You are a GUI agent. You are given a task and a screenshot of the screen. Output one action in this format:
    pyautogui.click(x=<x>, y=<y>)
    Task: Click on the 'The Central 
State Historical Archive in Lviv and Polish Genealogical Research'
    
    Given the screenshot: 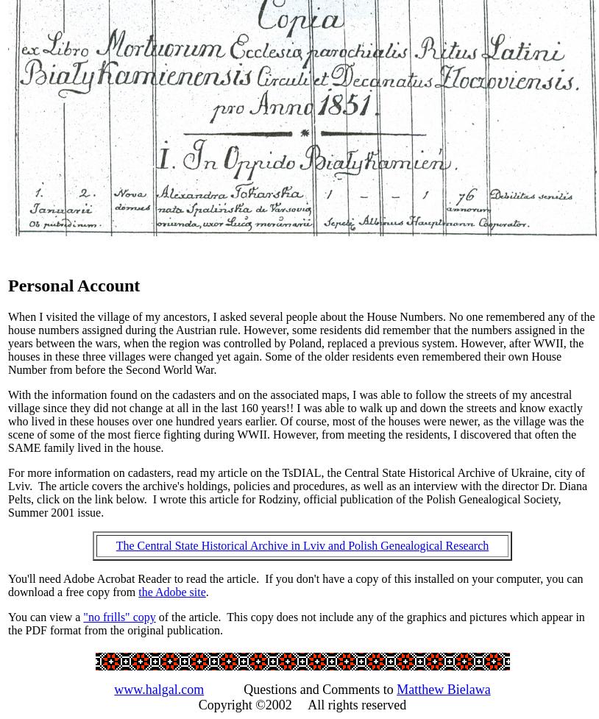 What is the action you would take?
    pyautogui.click(x=301, y=545)
    